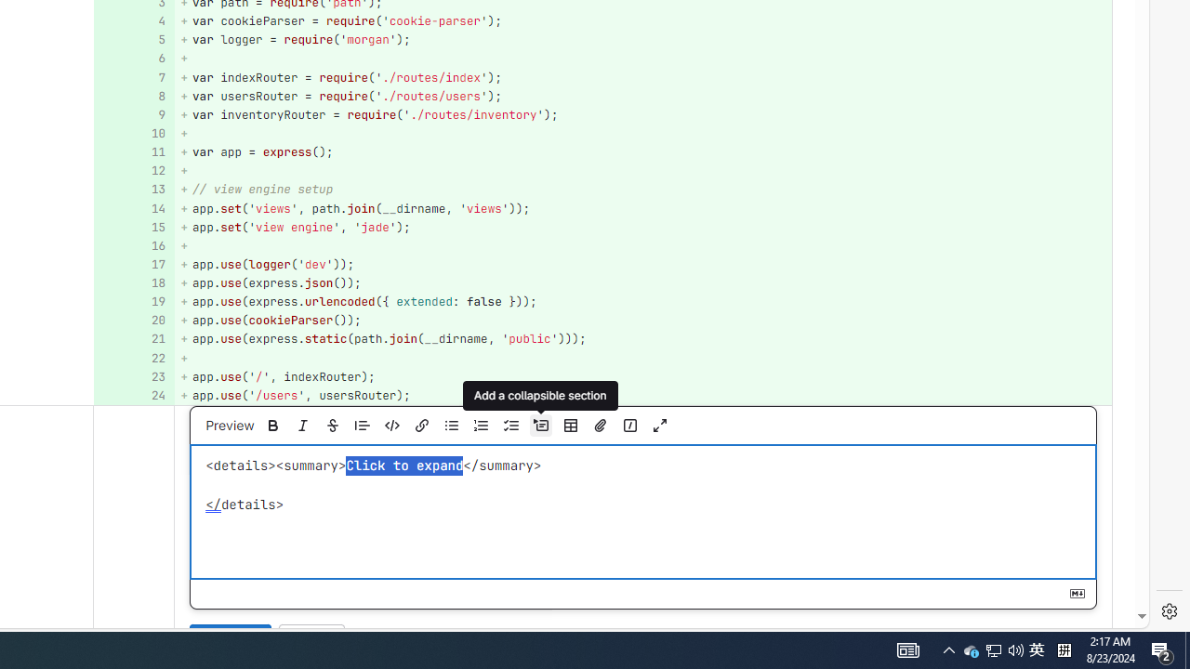 The height and width of the screenshot is (669, 1190). Describe the element at coordinates (131, 58) in the screenshot. I see `'6'` at that location.